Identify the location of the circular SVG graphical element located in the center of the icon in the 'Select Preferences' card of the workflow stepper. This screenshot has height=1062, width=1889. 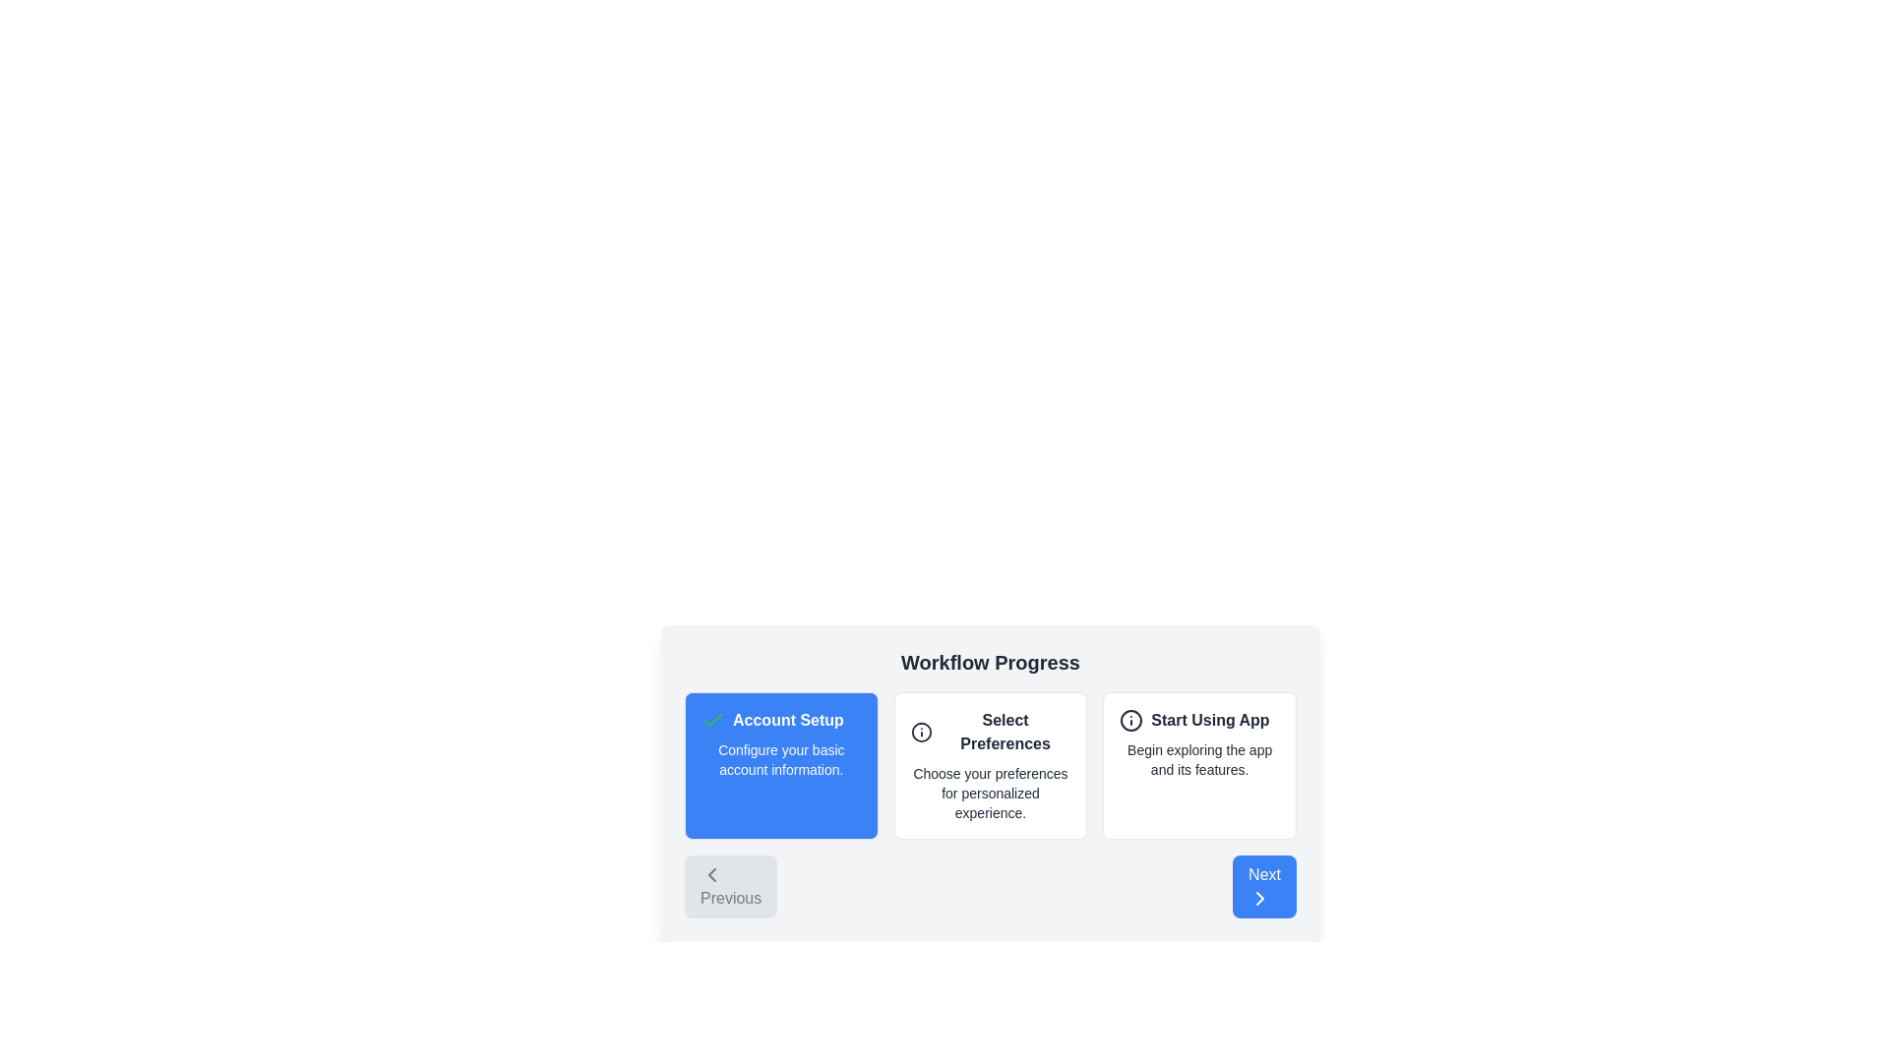
(920, 732).